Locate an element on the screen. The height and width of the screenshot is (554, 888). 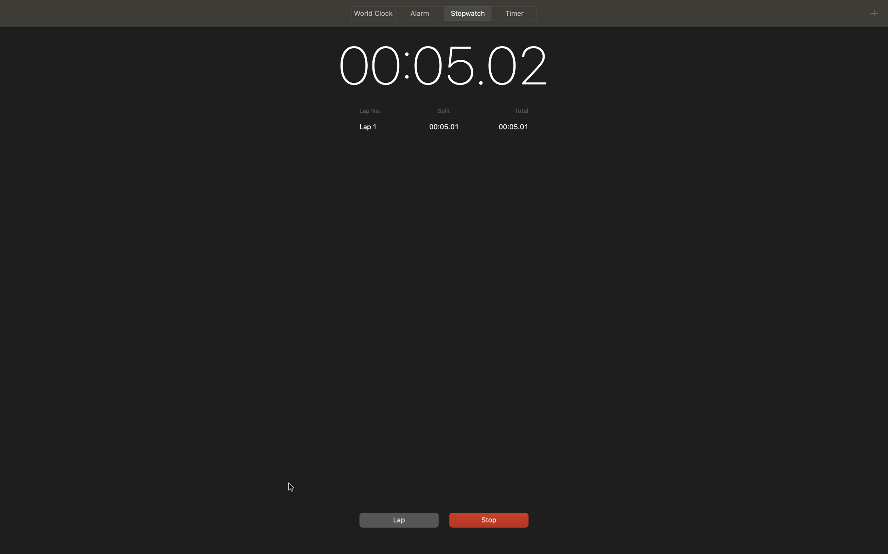
Record a lap and then stop the stopwatch is located at coordinates (397, 520).